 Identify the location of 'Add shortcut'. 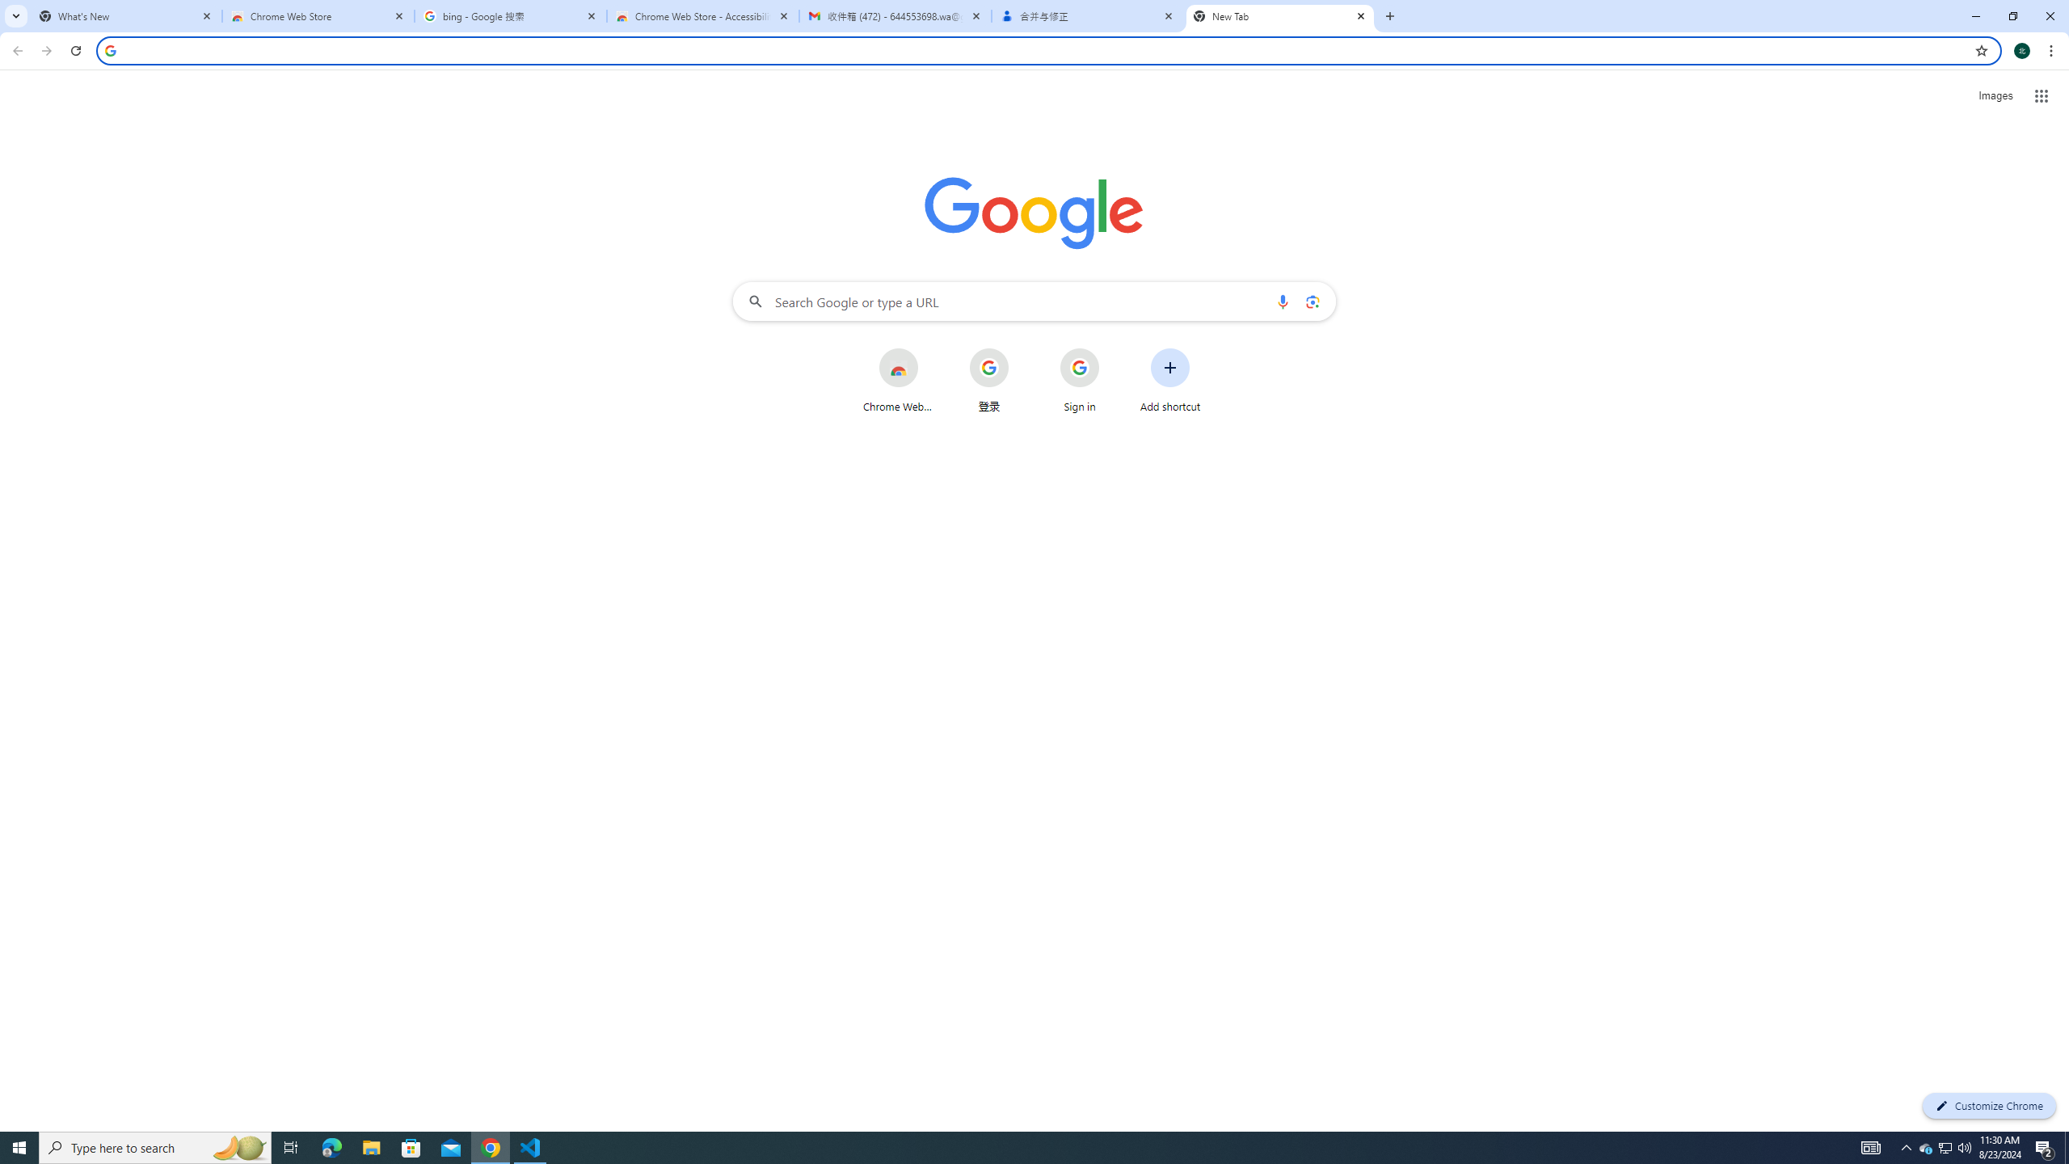
(1169, 380).